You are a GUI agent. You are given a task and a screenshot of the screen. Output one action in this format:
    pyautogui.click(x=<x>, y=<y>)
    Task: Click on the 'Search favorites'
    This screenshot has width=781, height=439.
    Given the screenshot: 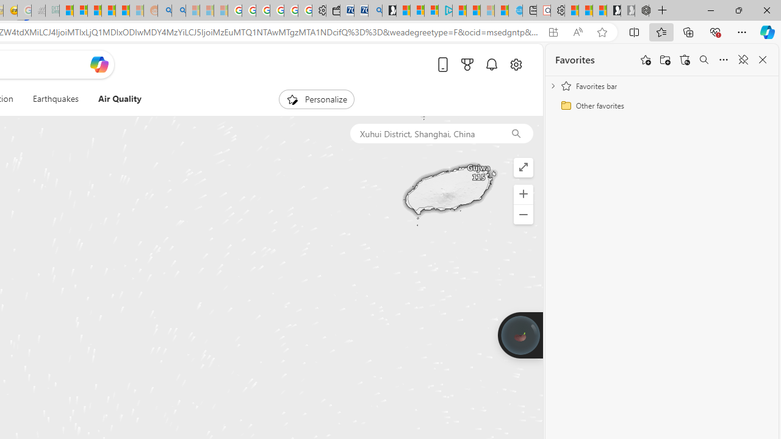 What is the action you would take?
    pyautogui.click(x=704, y=60)
    